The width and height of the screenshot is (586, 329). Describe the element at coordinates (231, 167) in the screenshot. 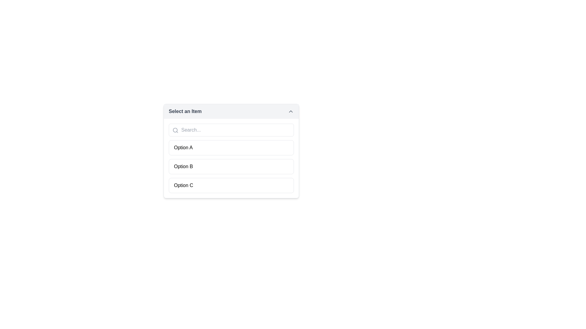

I see `the second option in the dropdown list containing 'Option A', 'Option B', and 'Option C' for focus effect` at that location.